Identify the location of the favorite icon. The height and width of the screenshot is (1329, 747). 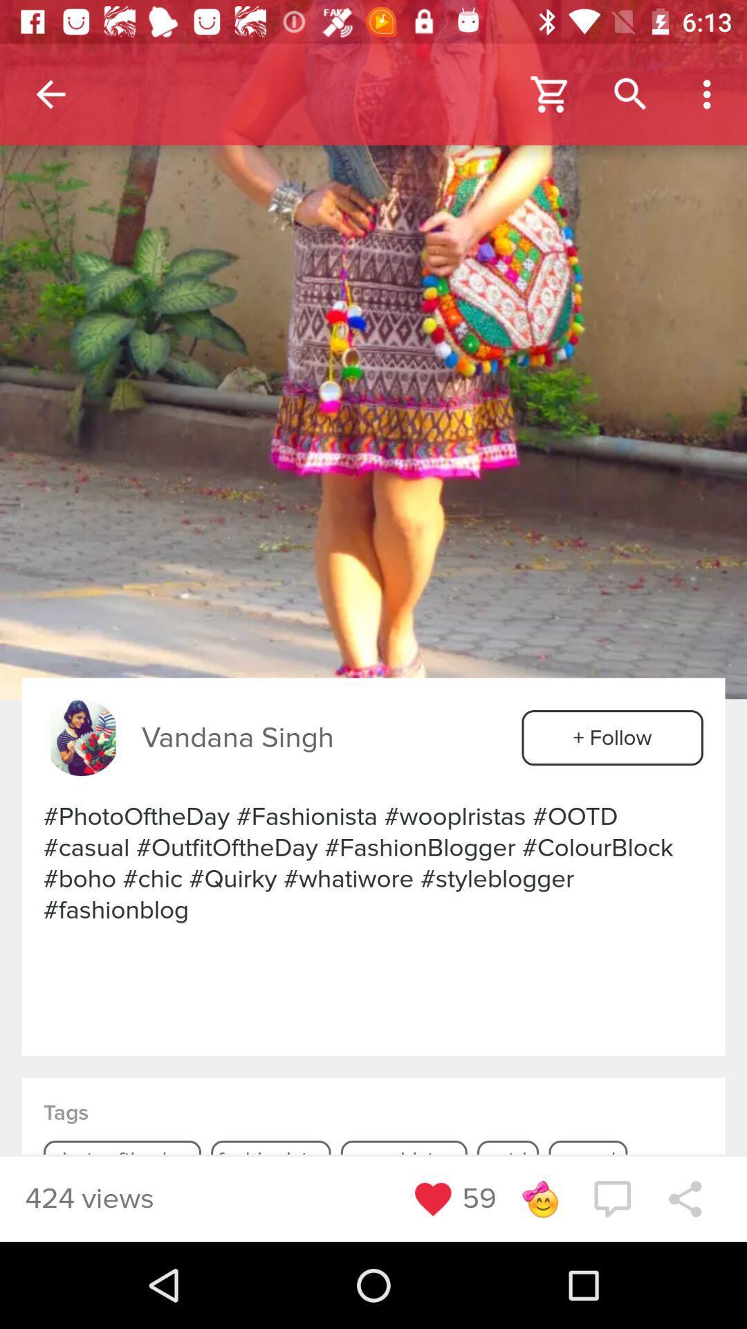
(432, 1198).